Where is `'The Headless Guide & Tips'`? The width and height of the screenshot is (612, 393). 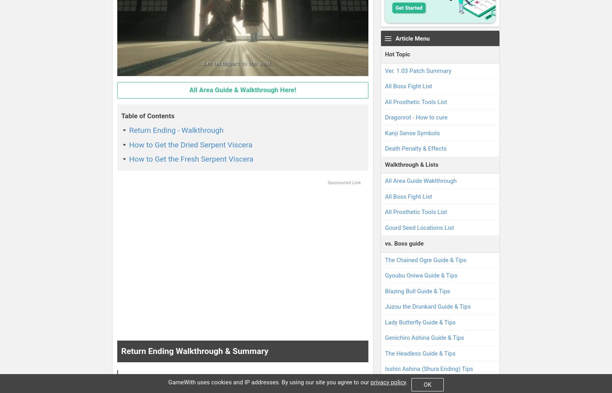
'The Headless Guide & Tips' is located at coordinates (420, 353).